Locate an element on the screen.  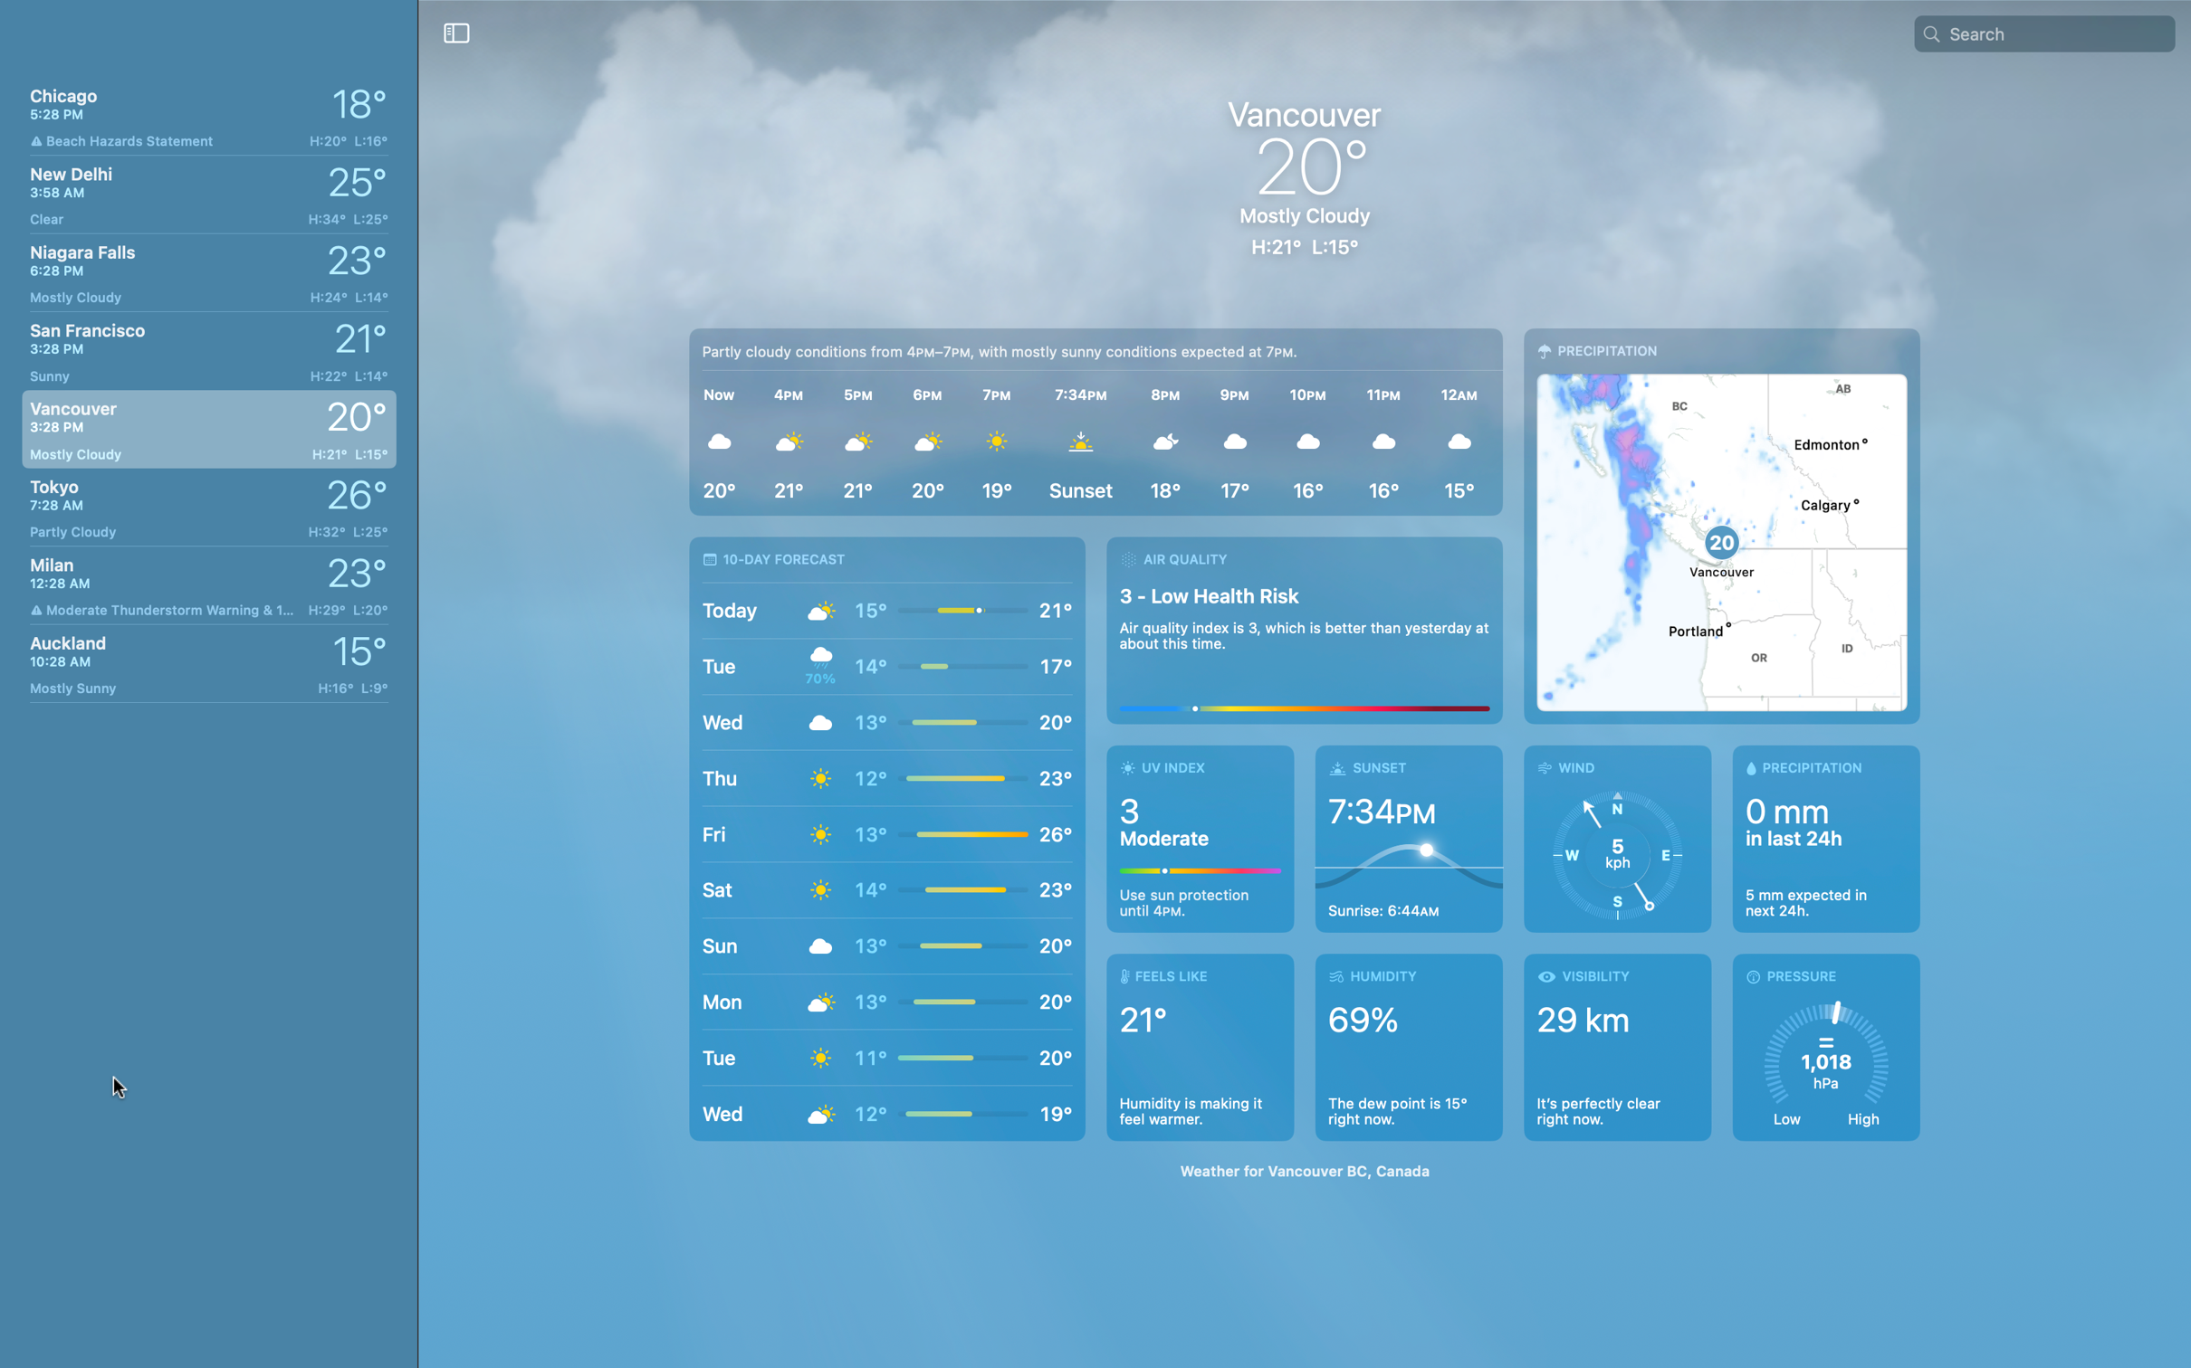
Change the city to London using the search bar is located at coordinates (2057, 32).